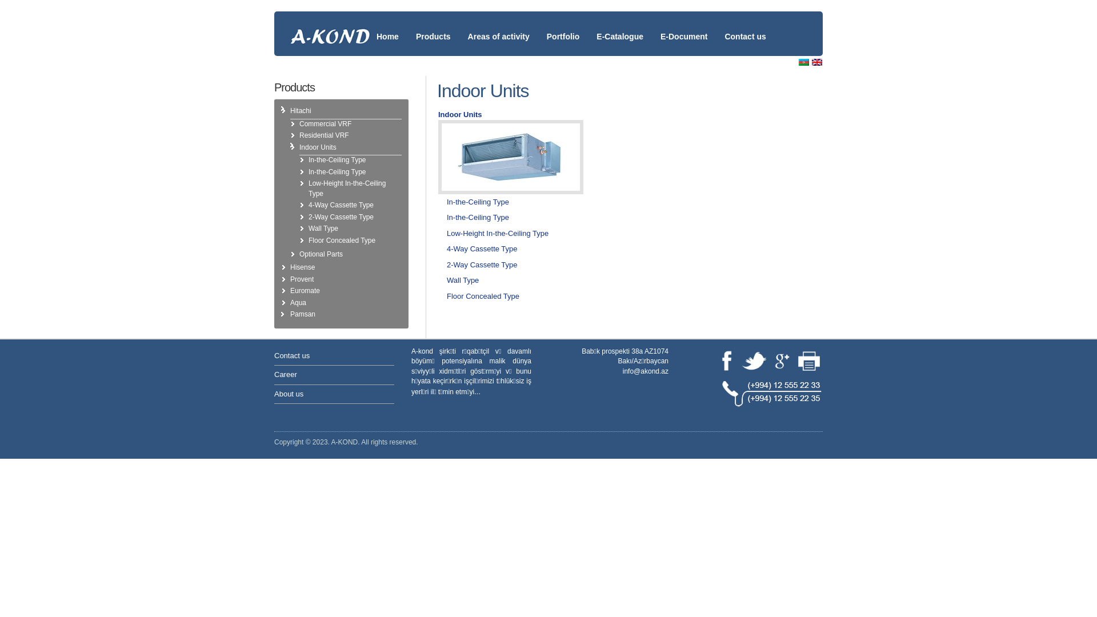  I want to click on 'Residential VRF', so click(323, 134).